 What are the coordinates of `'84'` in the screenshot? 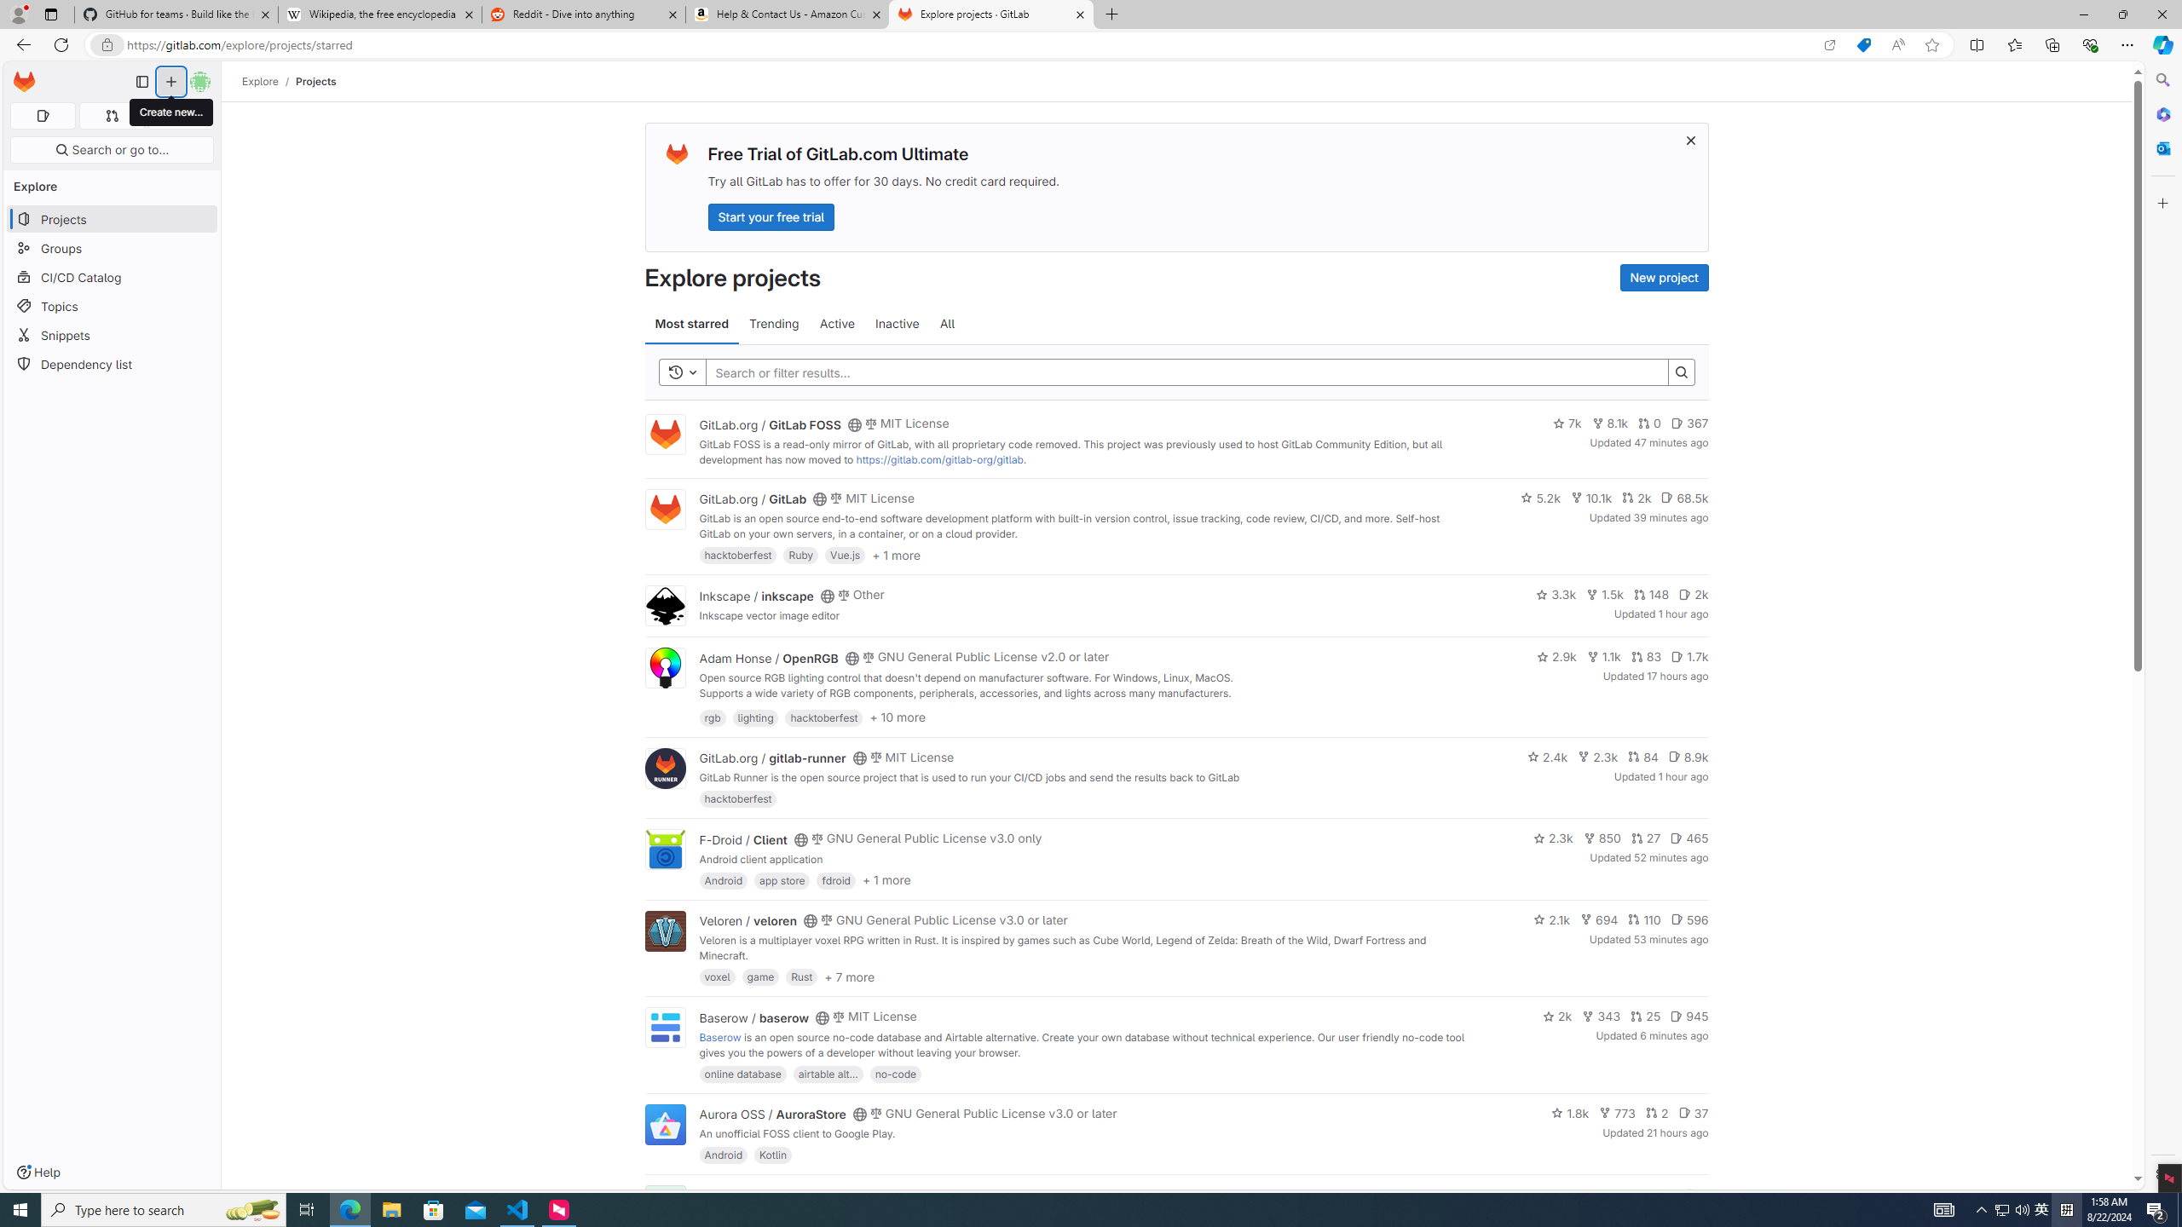 It's located at (1642, 755).